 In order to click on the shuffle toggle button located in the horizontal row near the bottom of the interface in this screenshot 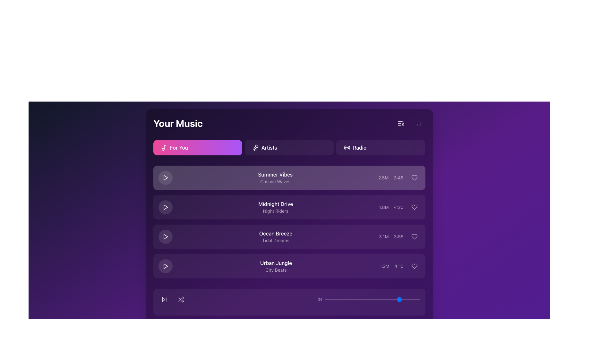, I will do `click(180, 299)`.